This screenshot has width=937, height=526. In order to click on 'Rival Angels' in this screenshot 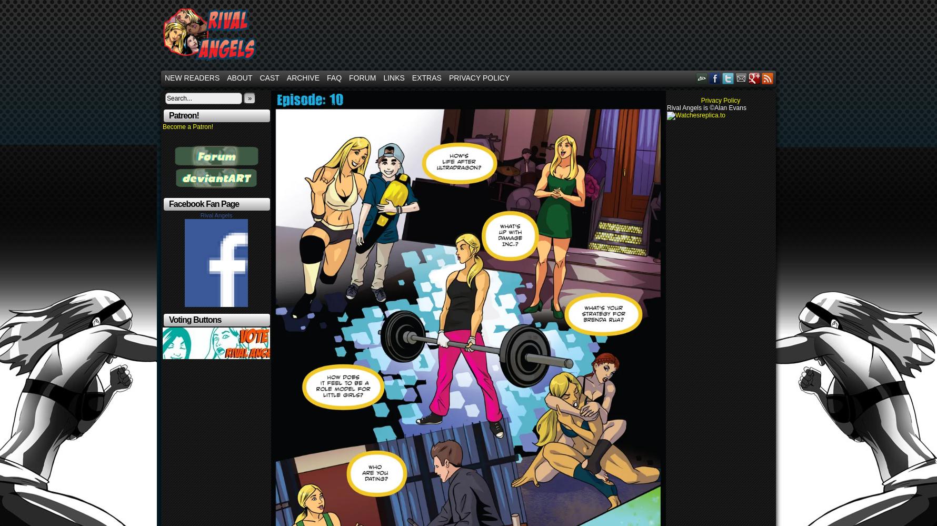, I will do `click(215, 214)`.